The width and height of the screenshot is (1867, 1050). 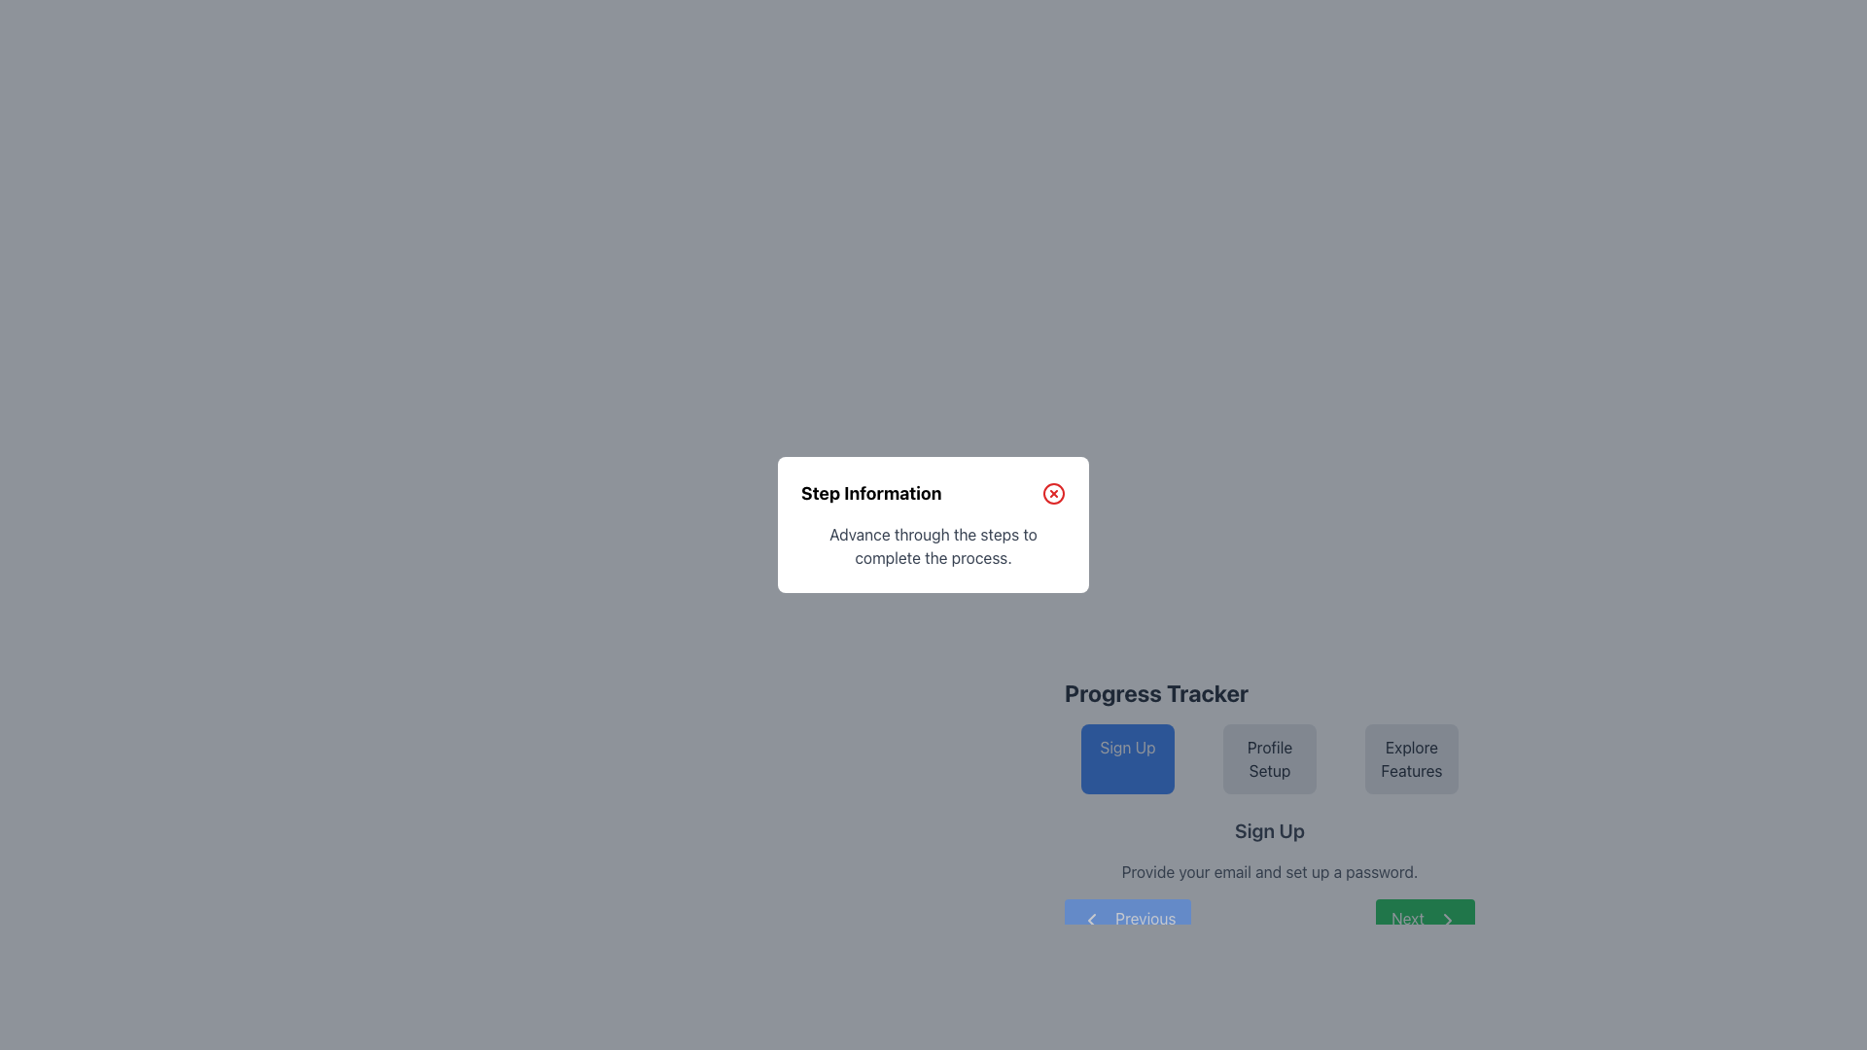 What do you see at coordinates (1269, 871) in the screenshot?
I see `the instructional text label guiding the user to supply their email address and choose a password during the sign-up process, located under the 'Sign Up' heading` at bounding box center [1269, 871].